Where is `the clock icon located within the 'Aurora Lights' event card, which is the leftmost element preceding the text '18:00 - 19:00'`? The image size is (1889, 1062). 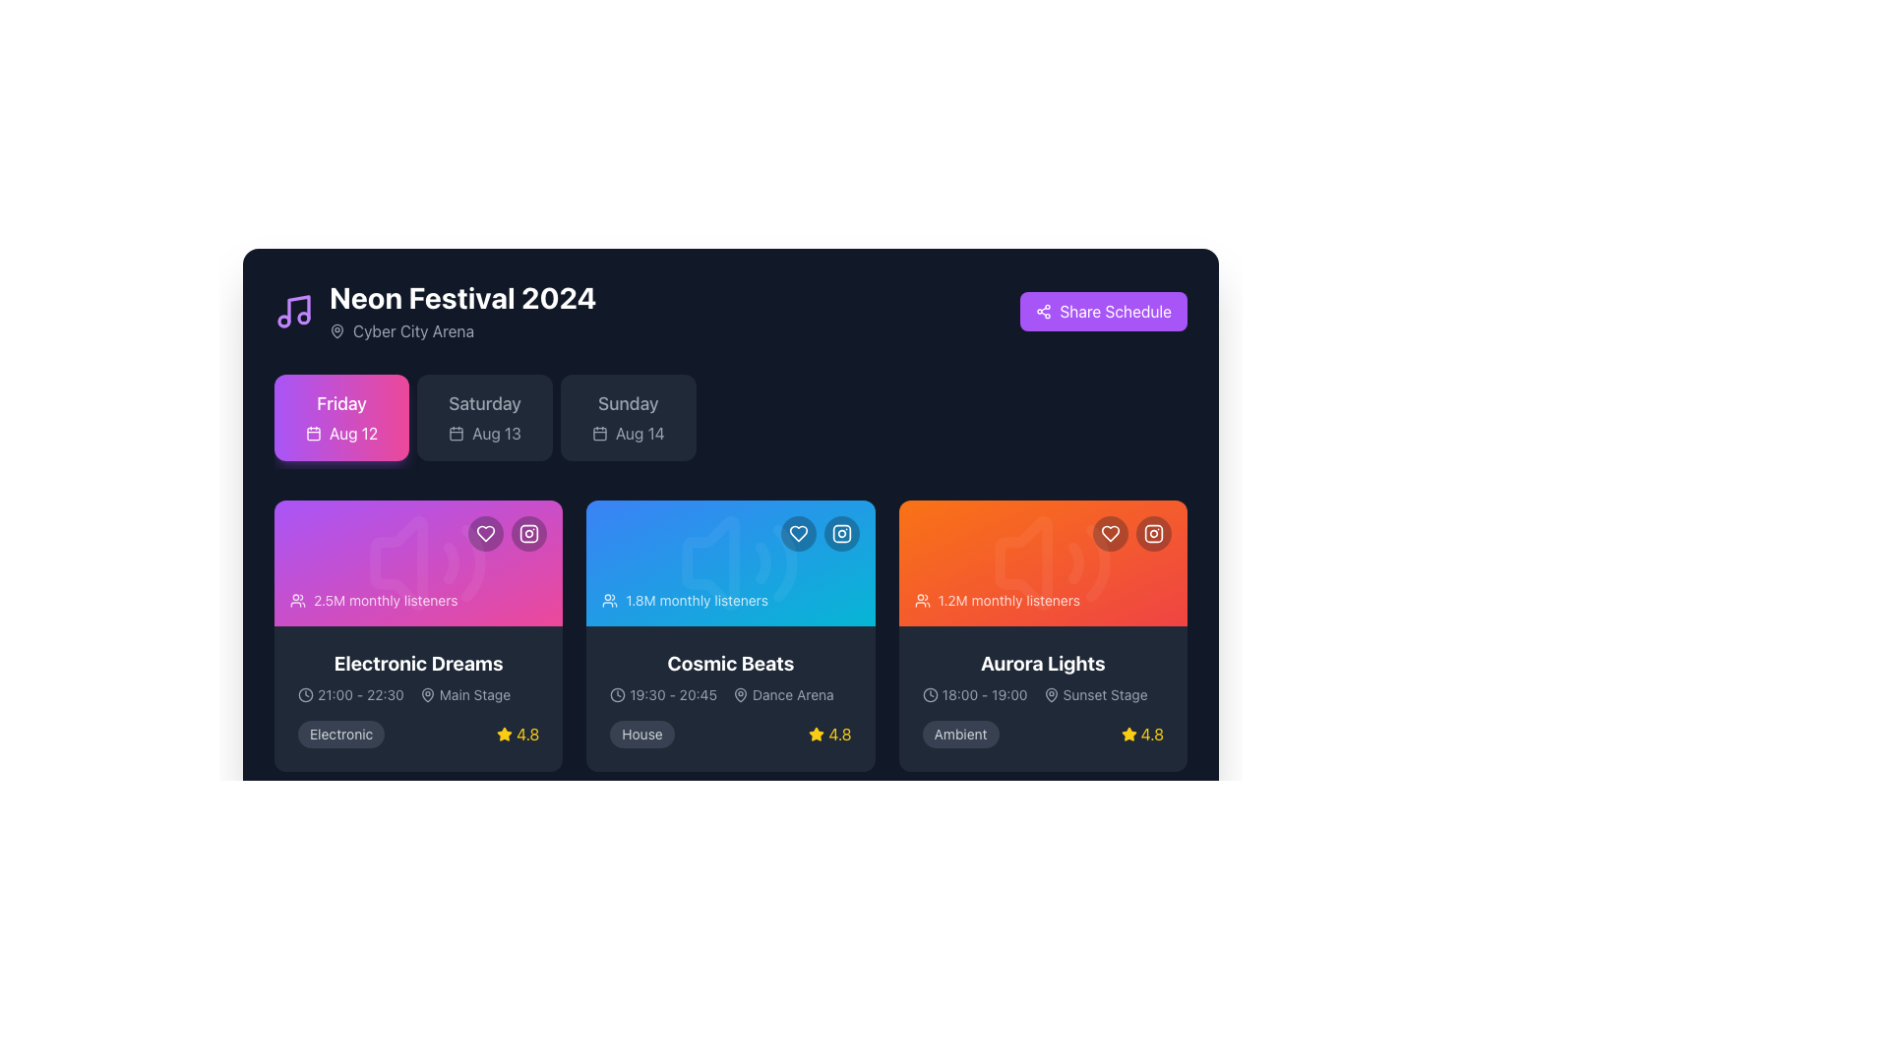 the clock icon located within the 'Aurora Lights' event card, which is the leftmost element preceding the text '18:00 - 19:00' is located at coordinates (929, 693).